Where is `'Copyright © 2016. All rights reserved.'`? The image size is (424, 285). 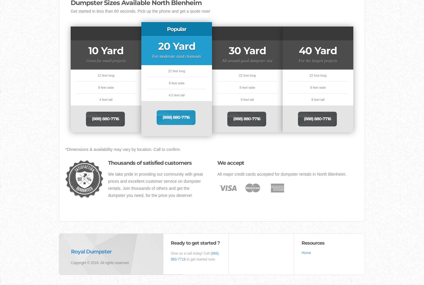 'Copyright © 2016. All rights reserved.' is located at coordinates (71, 262).